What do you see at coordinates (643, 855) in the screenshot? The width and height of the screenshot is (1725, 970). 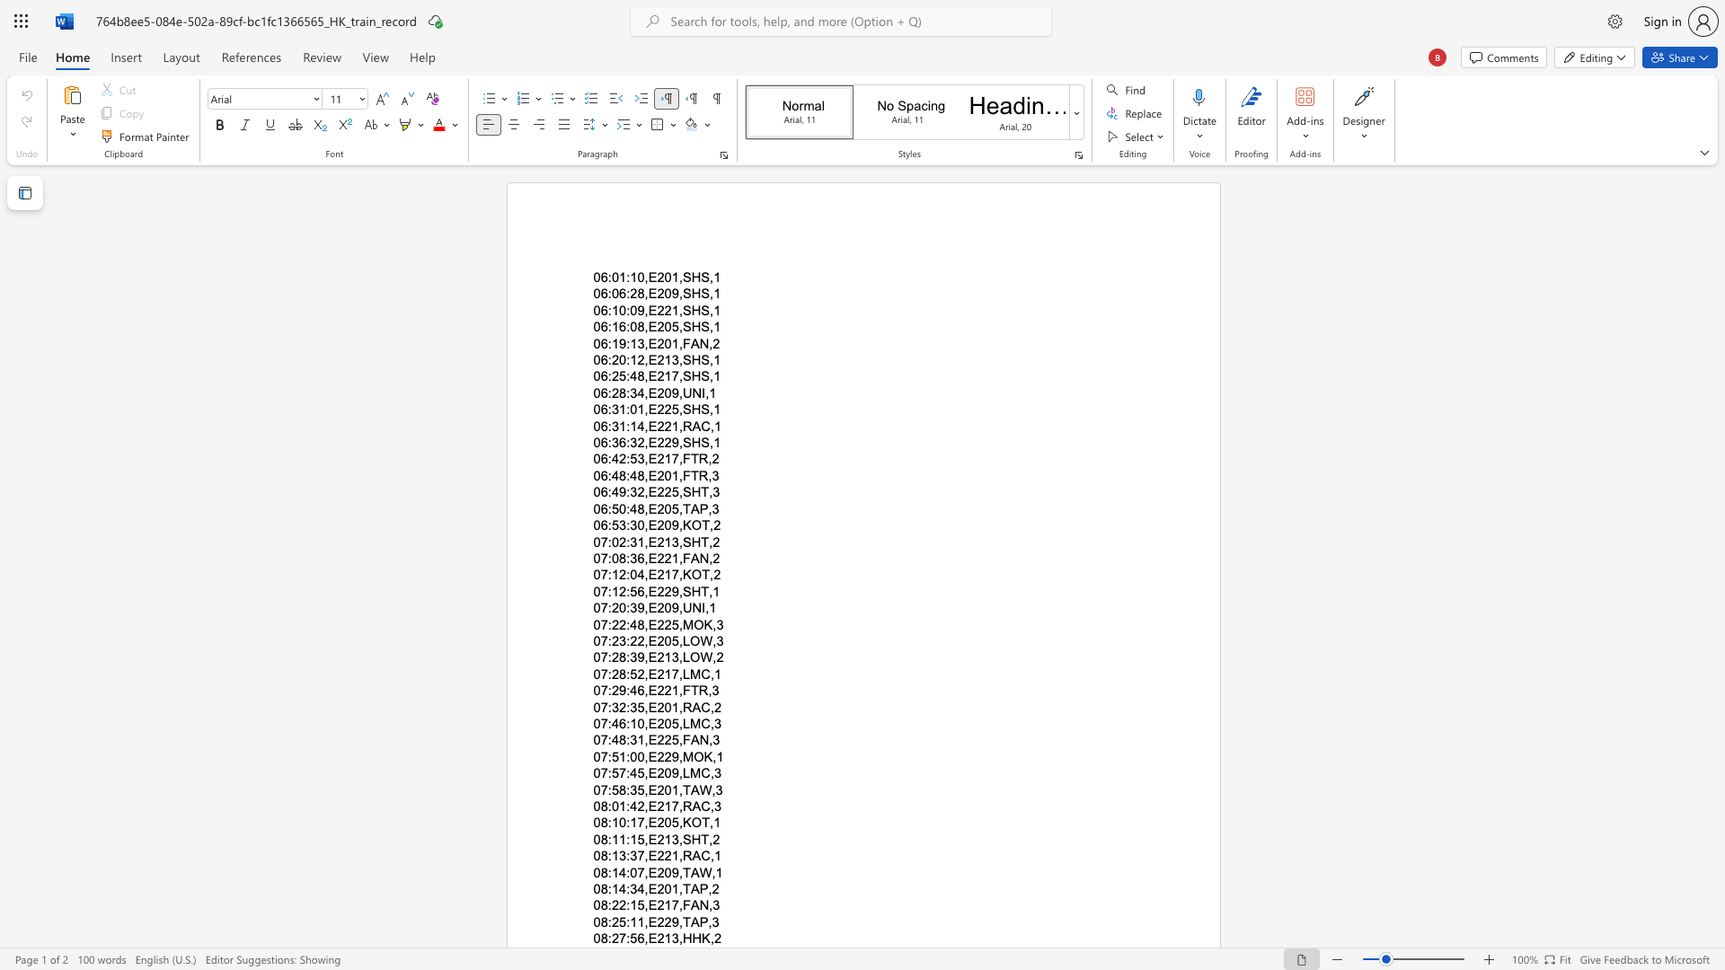 I see `the space between the continuous character "7" and "," in the text` at bounding box center [643, 855].